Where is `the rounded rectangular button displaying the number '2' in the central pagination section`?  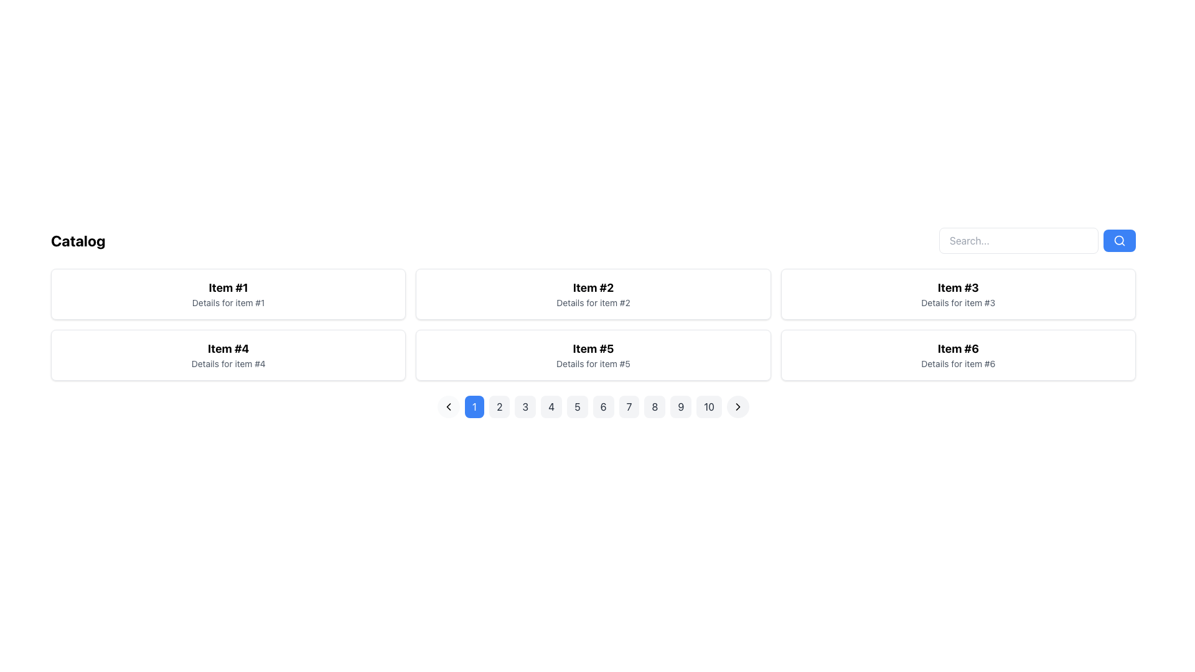
the rounded rectangular button displaying the number '2' in the central pagination section is located at coordinates (499, 407).